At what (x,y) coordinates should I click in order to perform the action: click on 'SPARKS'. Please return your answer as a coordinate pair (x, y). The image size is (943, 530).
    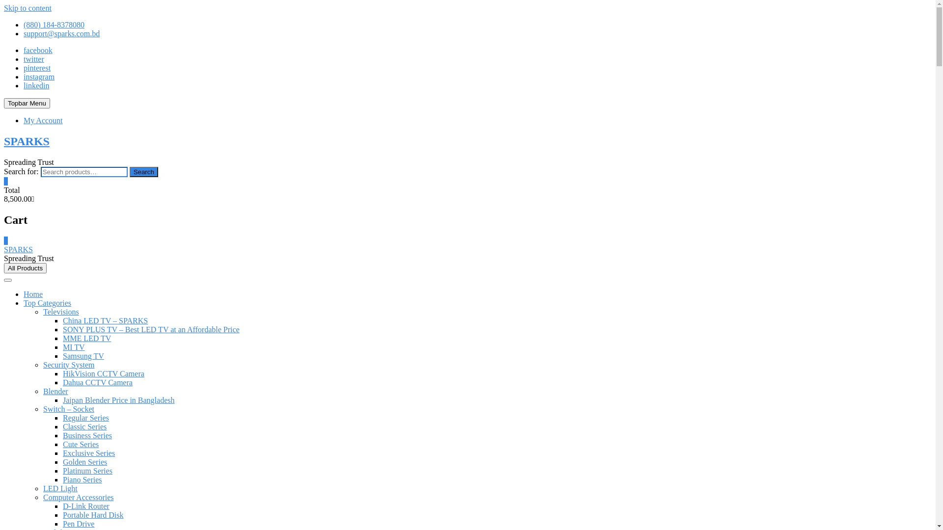
    Looking at the image, I should click on (4, 249).